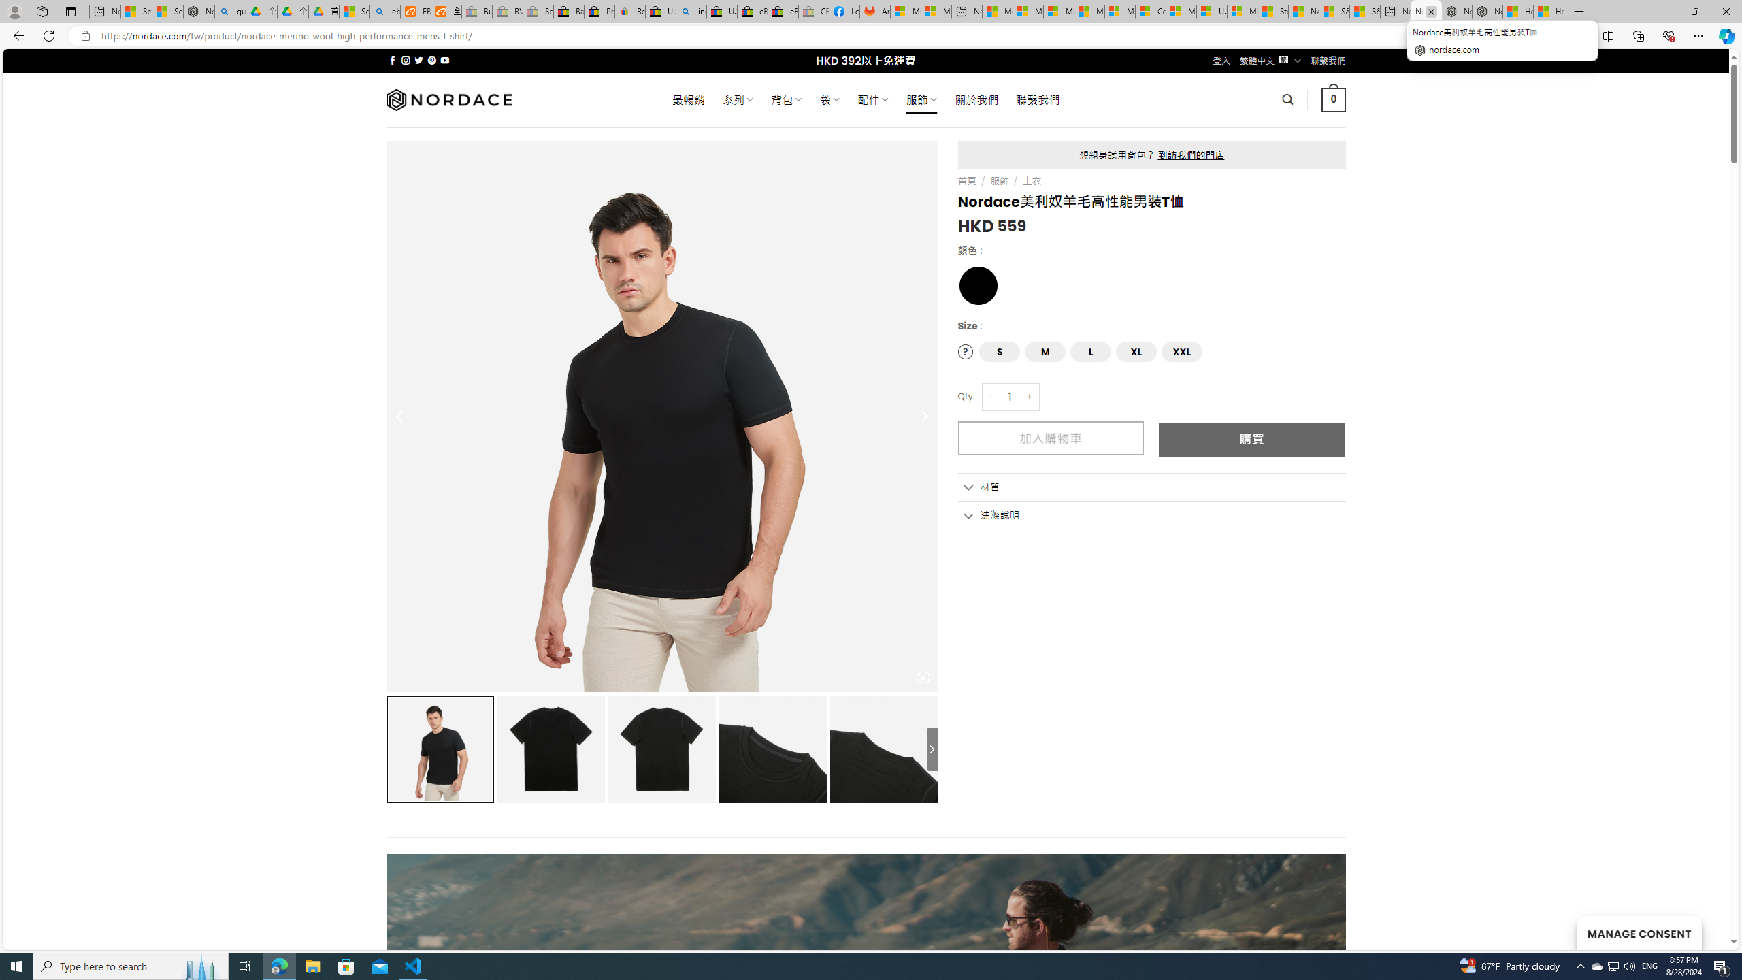 The height and width of the screenshot is (980, 1742). I want to click on 'Microsoft account | Home', so click(1059, 11).